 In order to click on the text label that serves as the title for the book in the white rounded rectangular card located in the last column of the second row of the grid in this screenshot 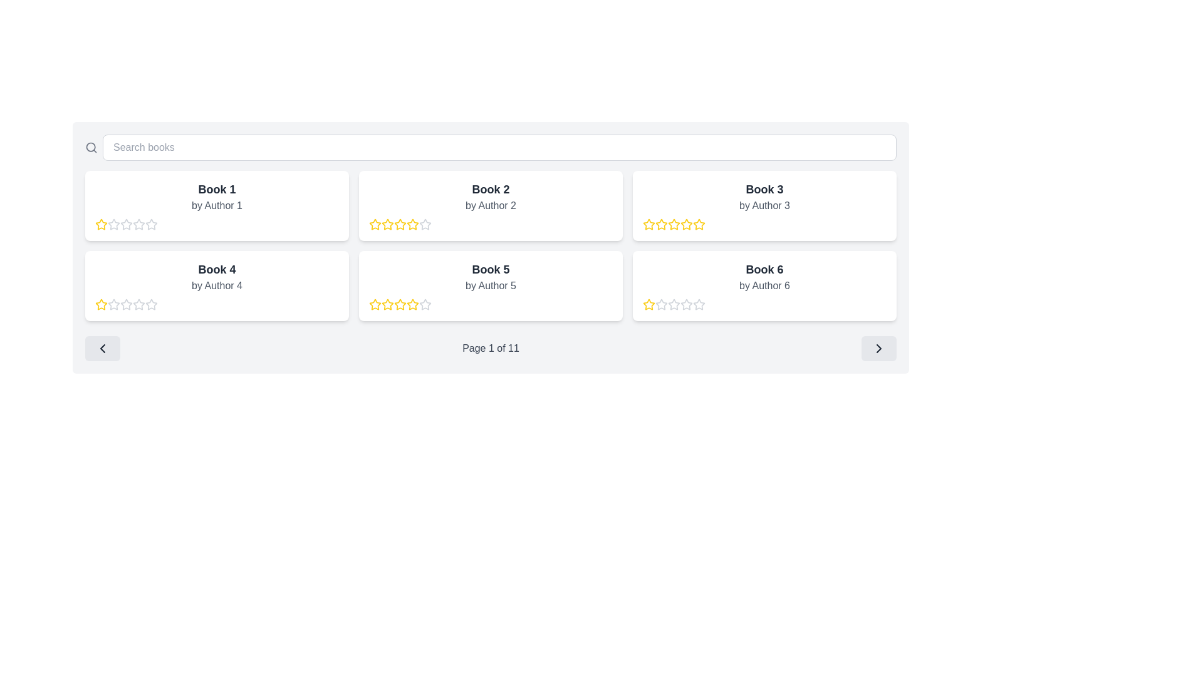, I will do `click(764, 269)`.